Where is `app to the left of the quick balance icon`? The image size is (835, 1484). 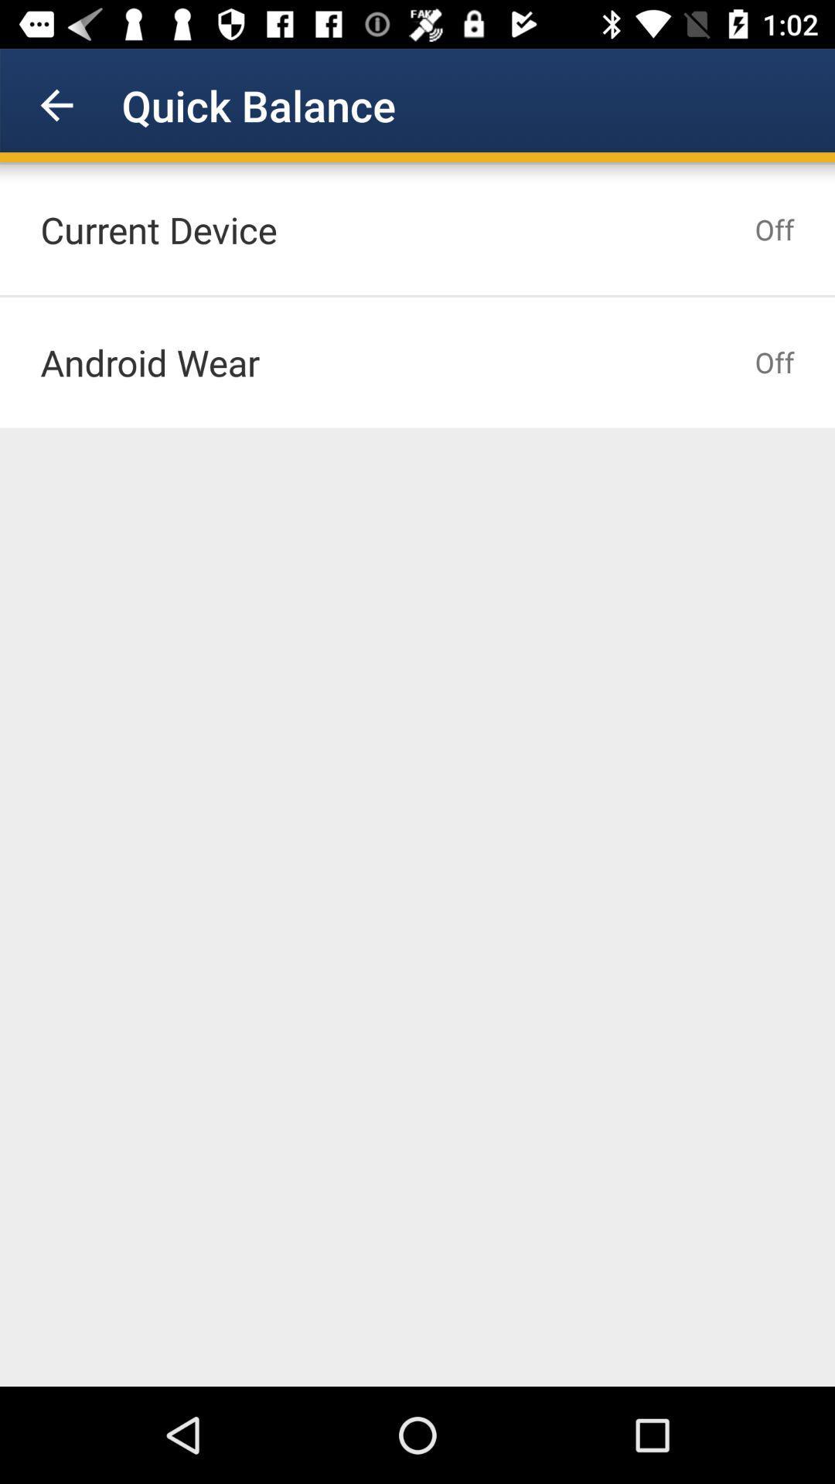
app to the left of the quick balance icon is located at coordinates (56, 104).